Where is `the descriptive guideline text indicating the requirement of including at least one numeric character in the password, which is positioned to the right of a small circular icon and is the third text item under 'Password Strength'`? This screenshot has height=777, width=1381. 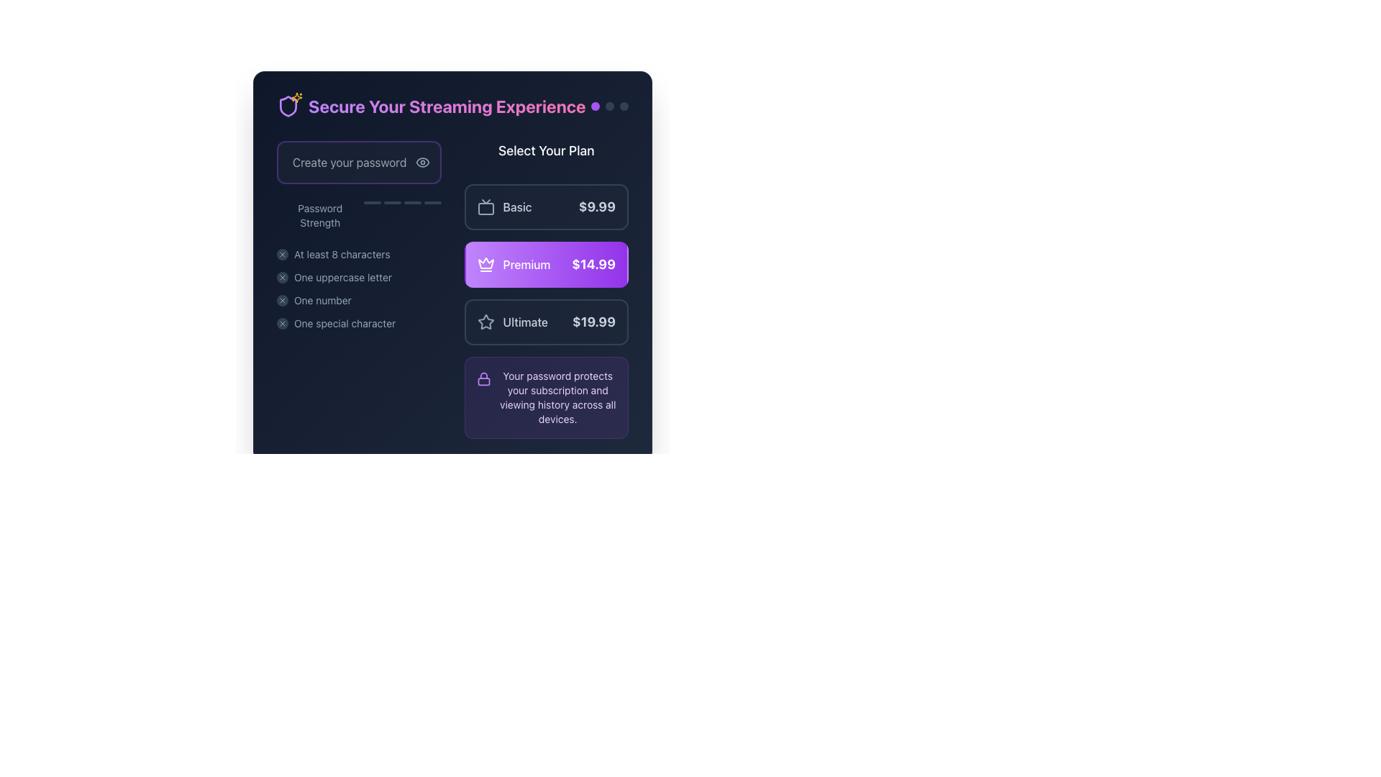 the descriptive guideline text indicating the requirement of including at least one numeric character in the password, which is positioned to the right of a small circular icon and is the third text item under 'Password Strength' is located at coordinates (322, 299).